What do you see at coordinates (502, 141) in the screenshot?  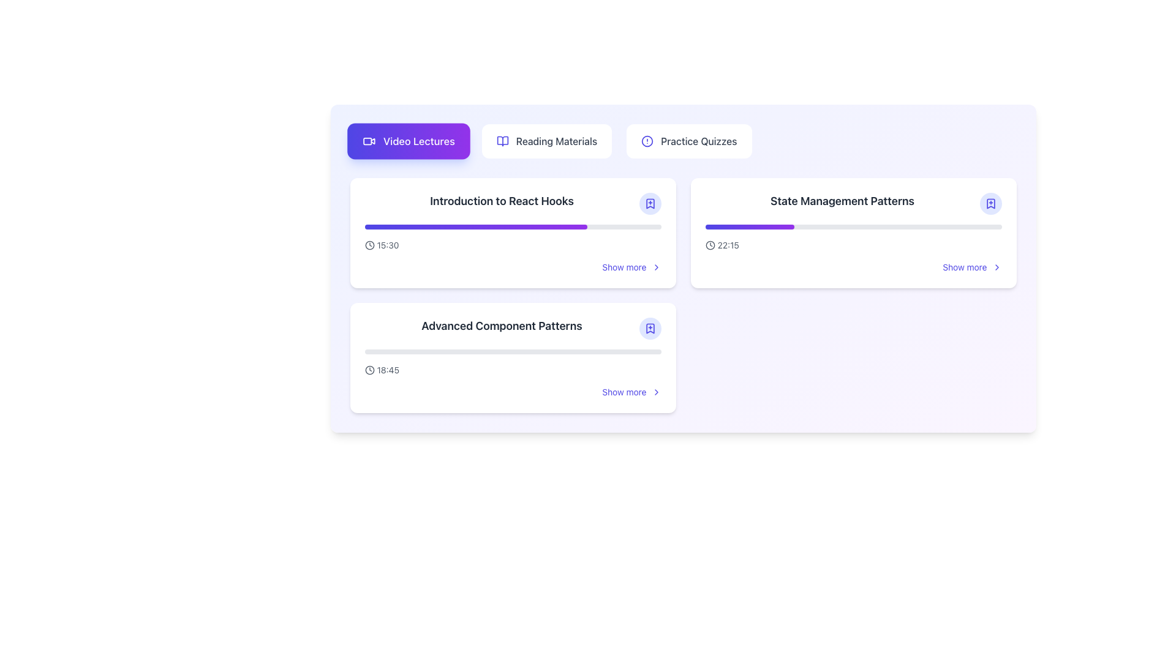 I see `the icon that resembles an open book, located in the center of the interface toolbar` at bounding box center [502, 141].